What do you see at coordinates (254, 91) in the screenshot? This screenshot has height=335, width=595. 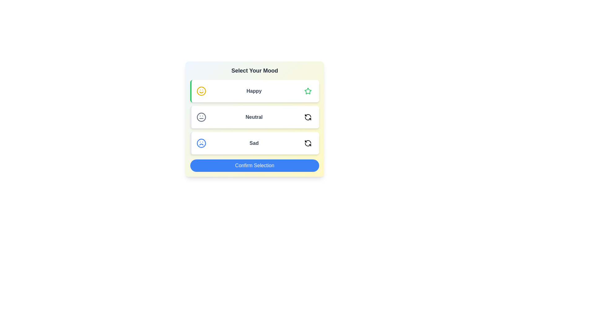 I see `the Happy option to observe its hover effect` at bounding box center [254, 91].